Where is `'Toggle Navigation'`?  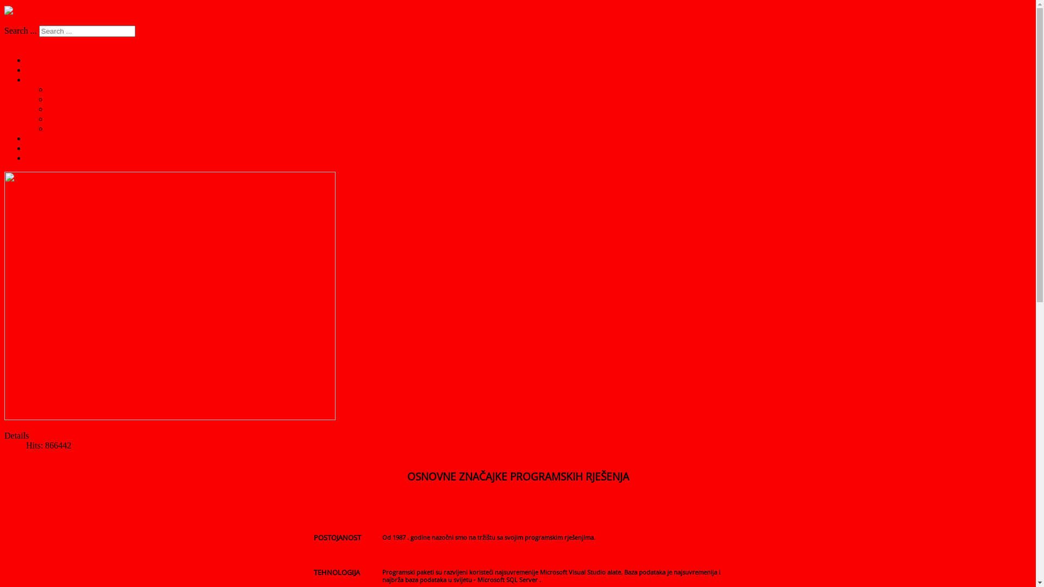 'Toggle Navigation' is located at coordinates (36, 41).